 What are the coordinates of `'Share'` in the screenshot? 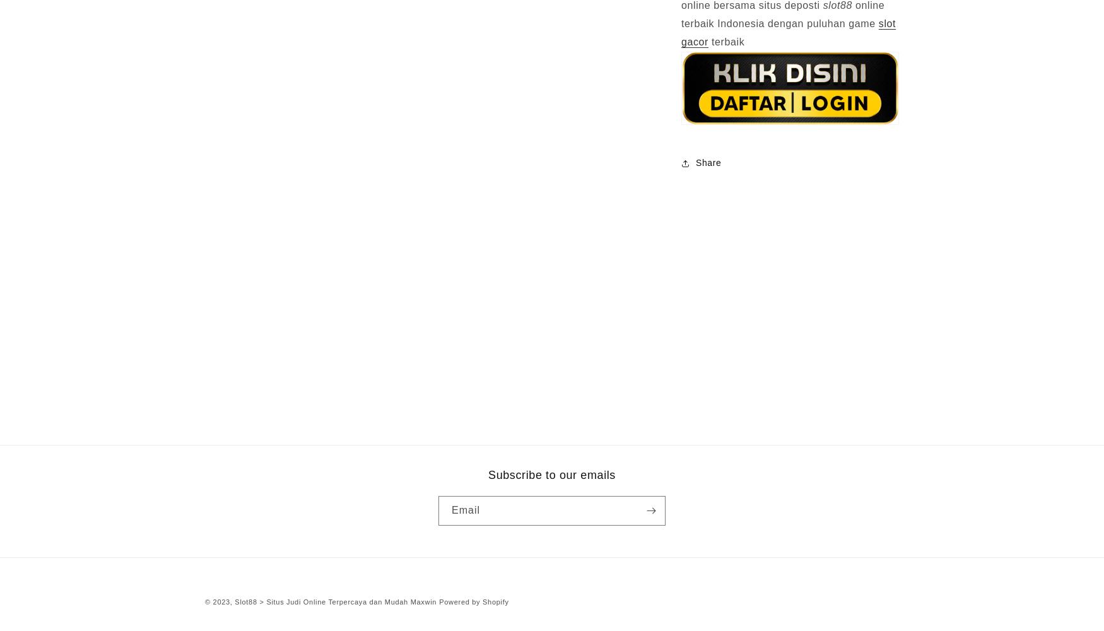 It's located at (708, 163).